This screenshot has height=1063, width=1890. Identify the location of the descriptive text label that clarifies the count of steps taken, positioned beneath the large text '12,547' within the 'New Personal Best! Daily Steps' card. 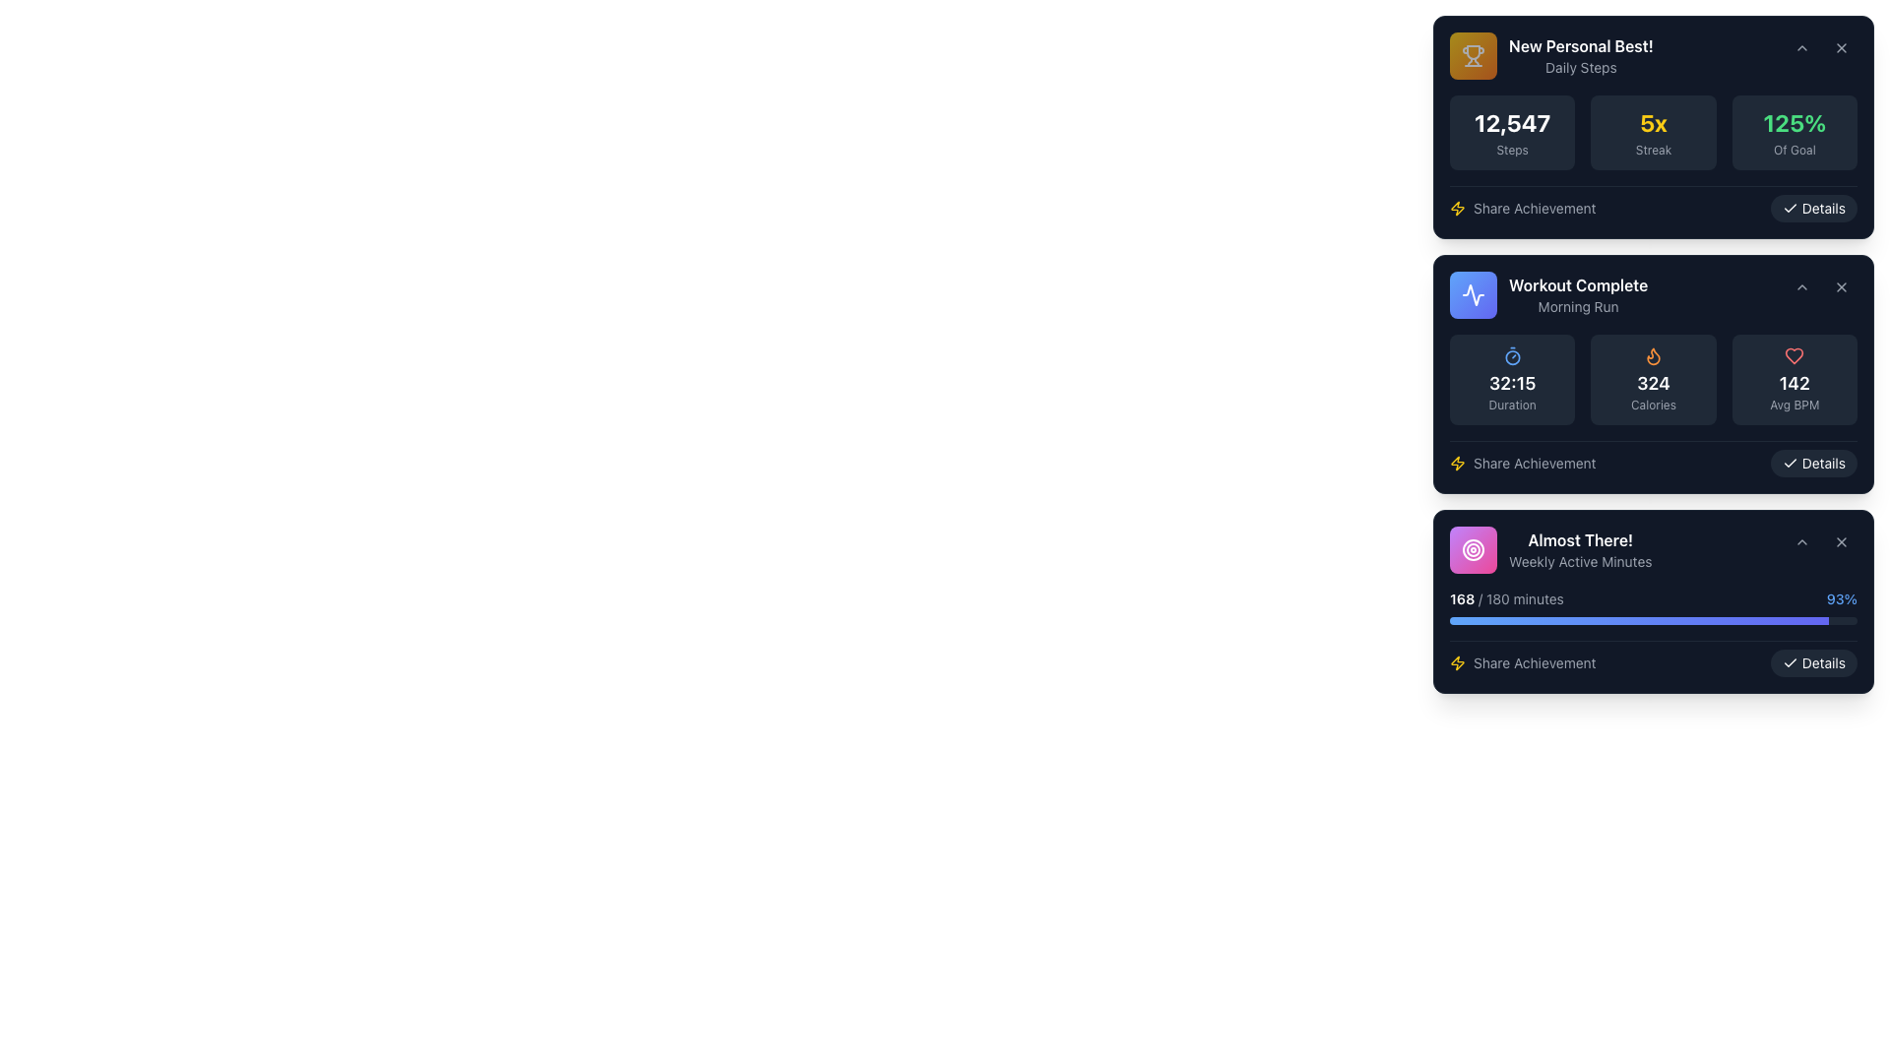
(1511, 150).